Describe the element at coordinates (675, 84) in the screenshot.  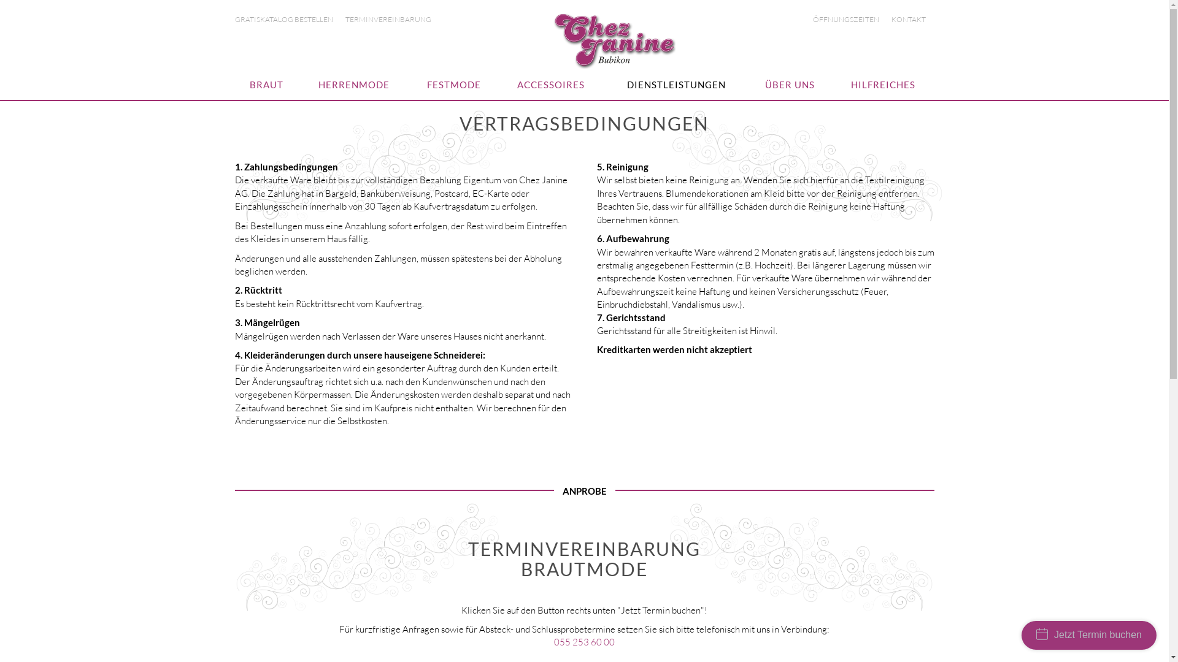
I see `'DIENSTLEISTUNGEN'` at that location.